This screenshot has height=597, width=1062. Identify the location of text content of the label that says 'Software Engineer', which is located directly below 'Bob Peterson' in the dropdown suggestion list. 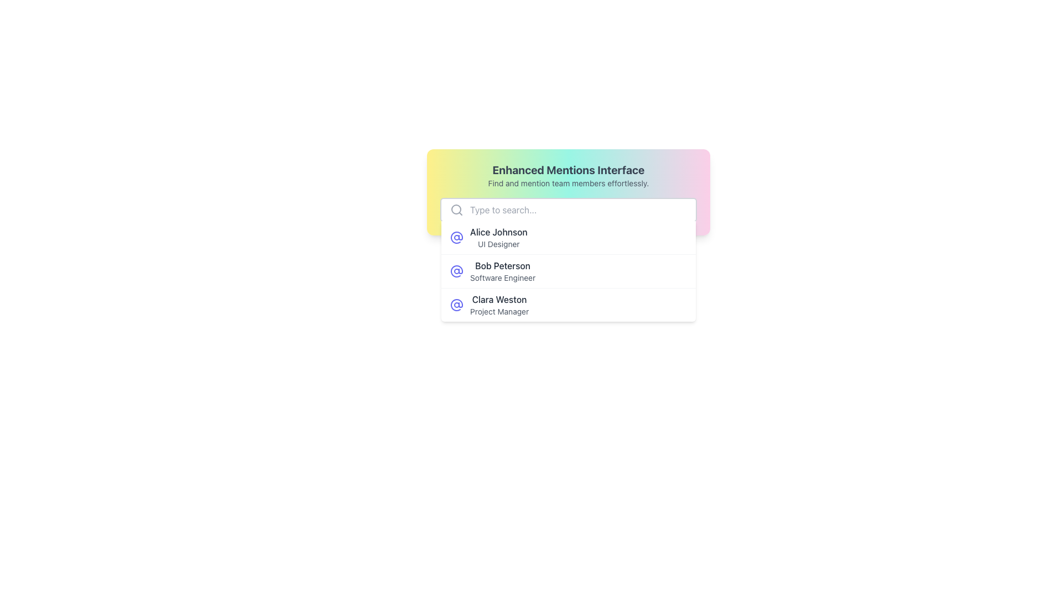
(502, 277).